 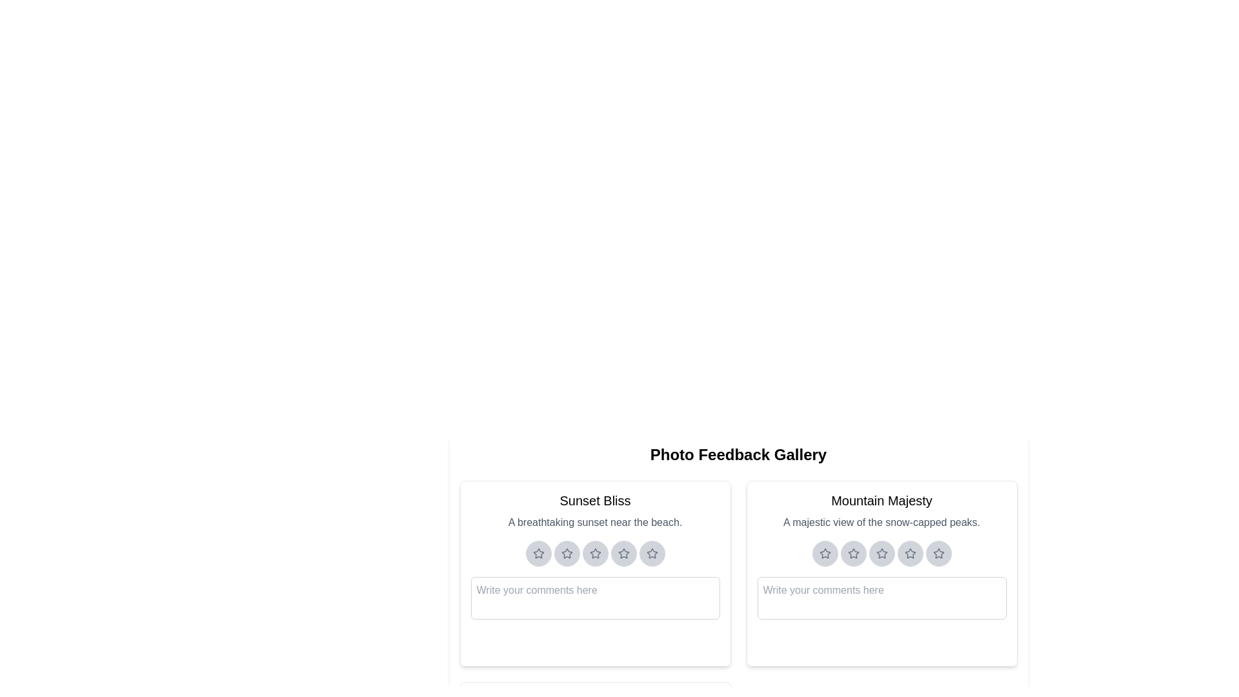 I want to click on the static text element that reads 'A majestic view of the snow-capped peaks.' located beneath the title 'Mountain Majesty' in the card layout, so click(x=881, y=523).